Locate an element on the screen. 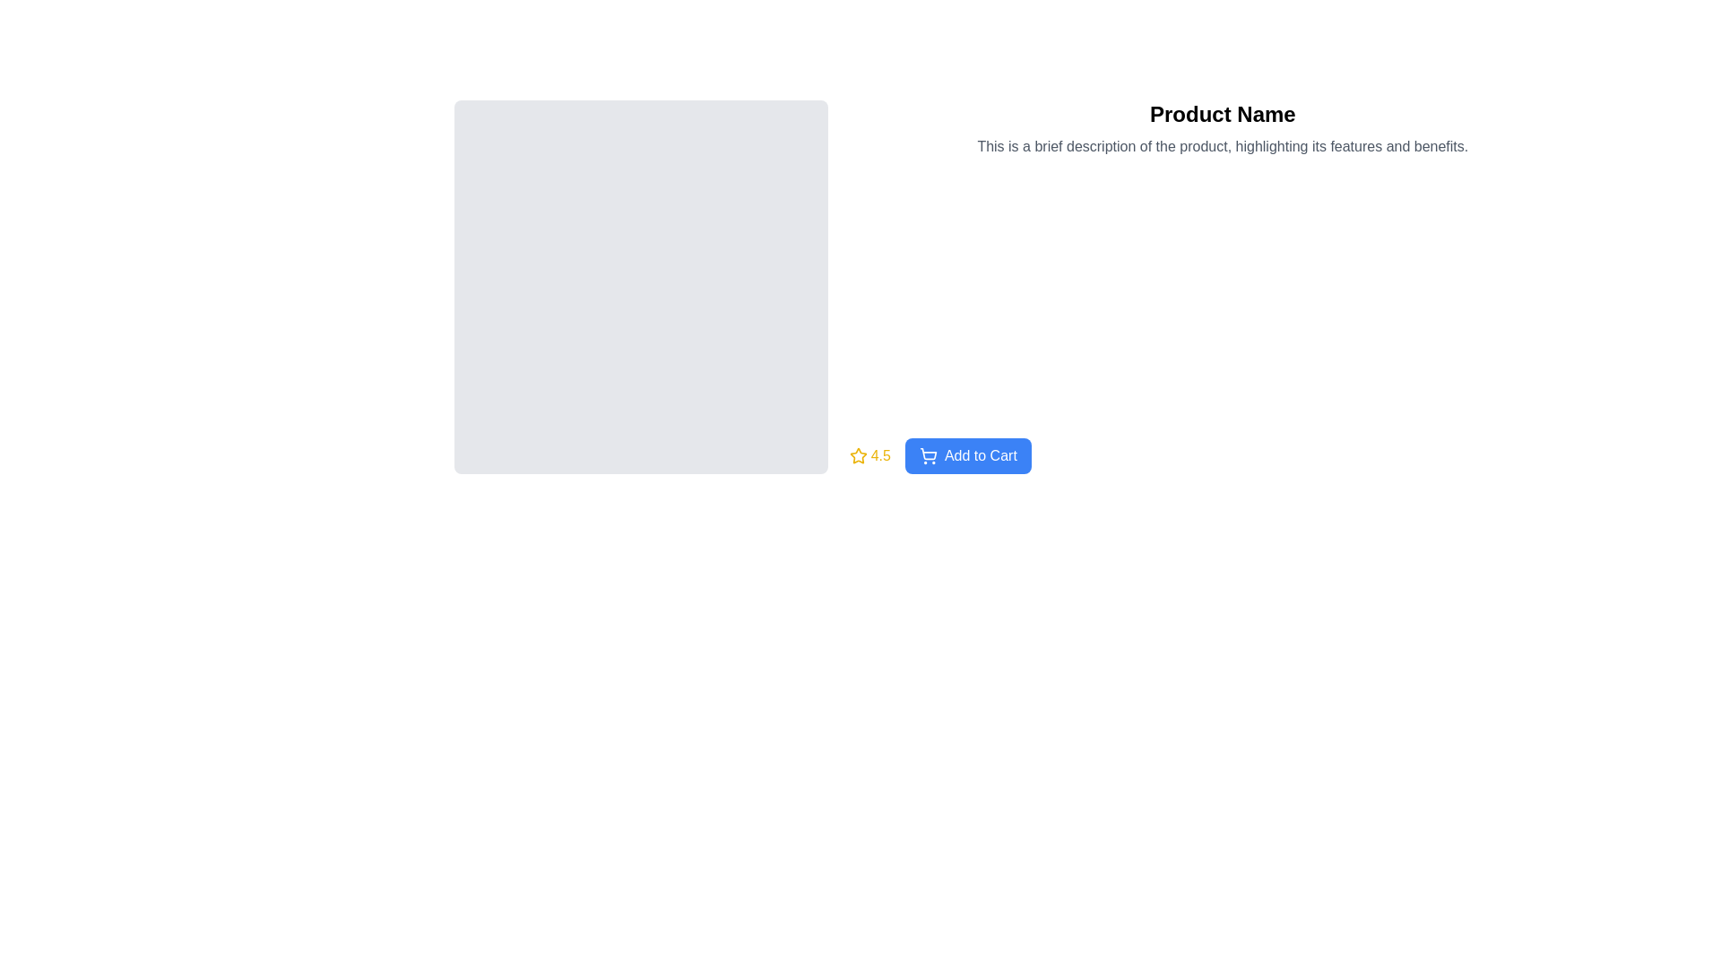 The height and width of the screenshot is (968, 1721). the shopping cart icon, which is a stylized drawing with a rectangular body and two circular wheels, located to the left of the 'Add to Cart' blue button is located at coordinates (929, 453).